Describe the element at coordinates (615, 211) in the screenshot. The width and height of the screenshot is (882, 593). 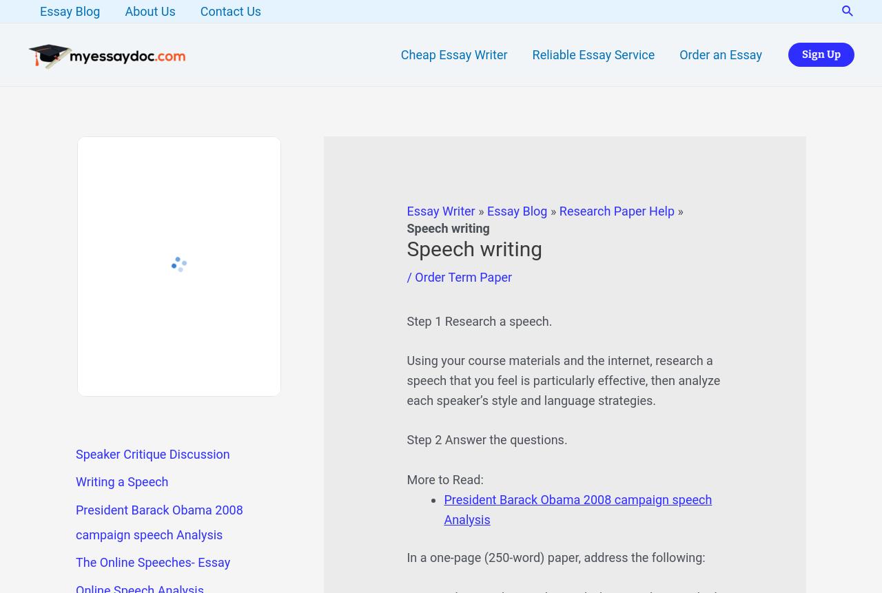
I see `'Research Paper Help'` at that location.